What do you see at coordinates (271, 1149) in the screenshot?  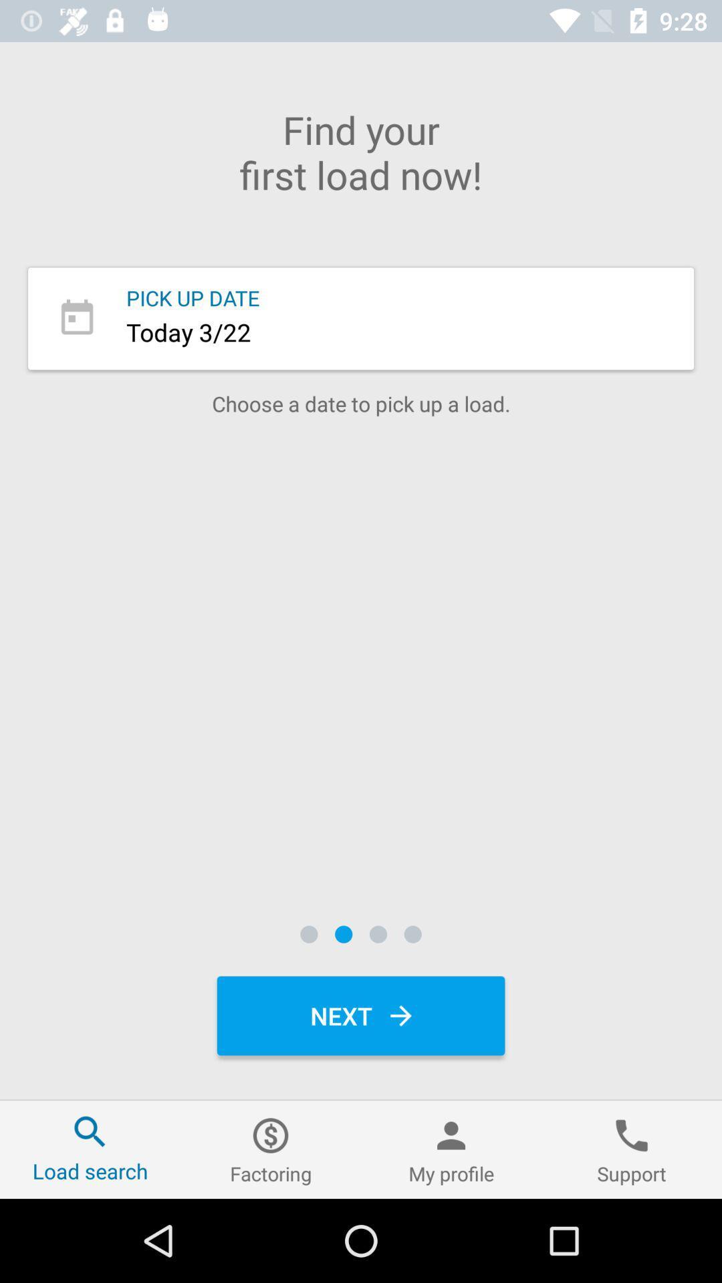 I see `the factoring` at bounding box center [271, 1149].